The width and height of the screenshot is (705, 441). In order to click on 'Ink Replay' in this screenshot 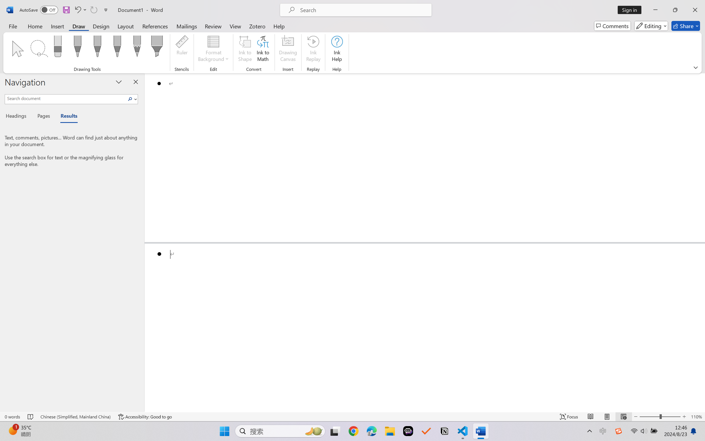, I will do `click(313, 50)`.